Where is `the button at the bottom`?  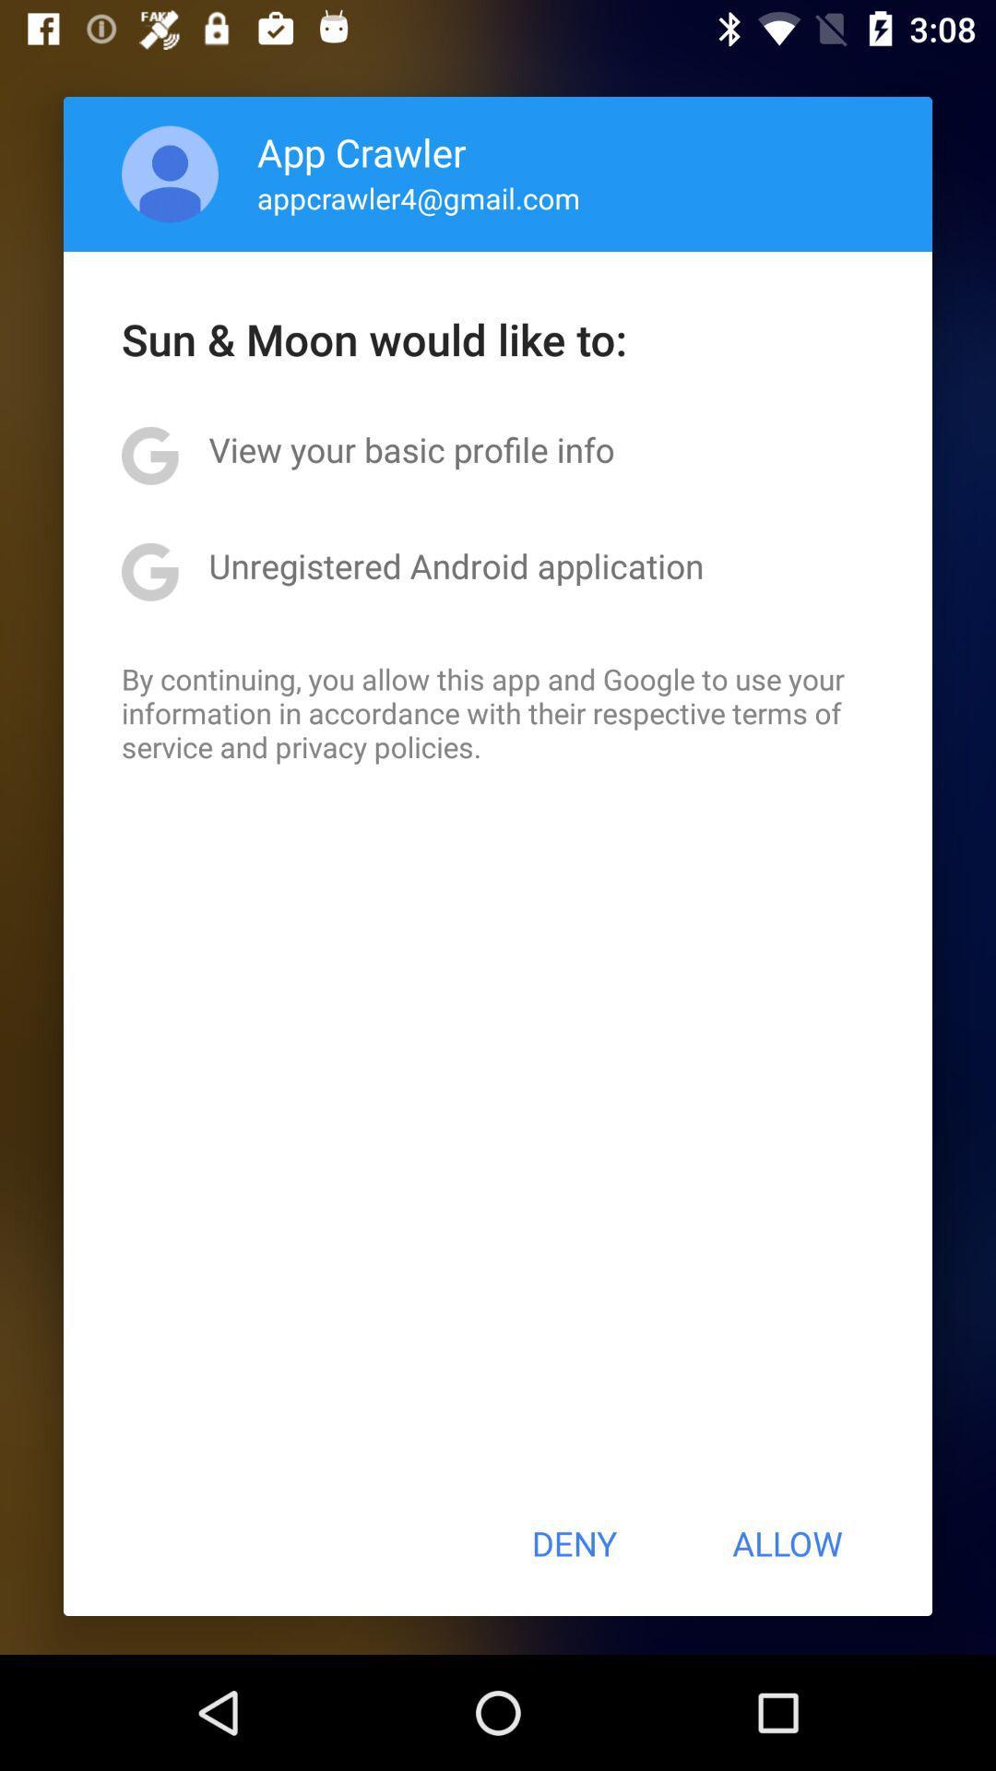
the button at the bottom is located at coordinates (573, 1543).